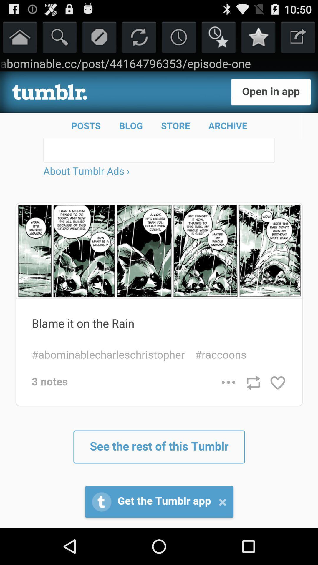 The width and height of the screenshot is (318, 565). Describe the element at coordinates (19, 36) in the screenshot. I see `return home` at that location.